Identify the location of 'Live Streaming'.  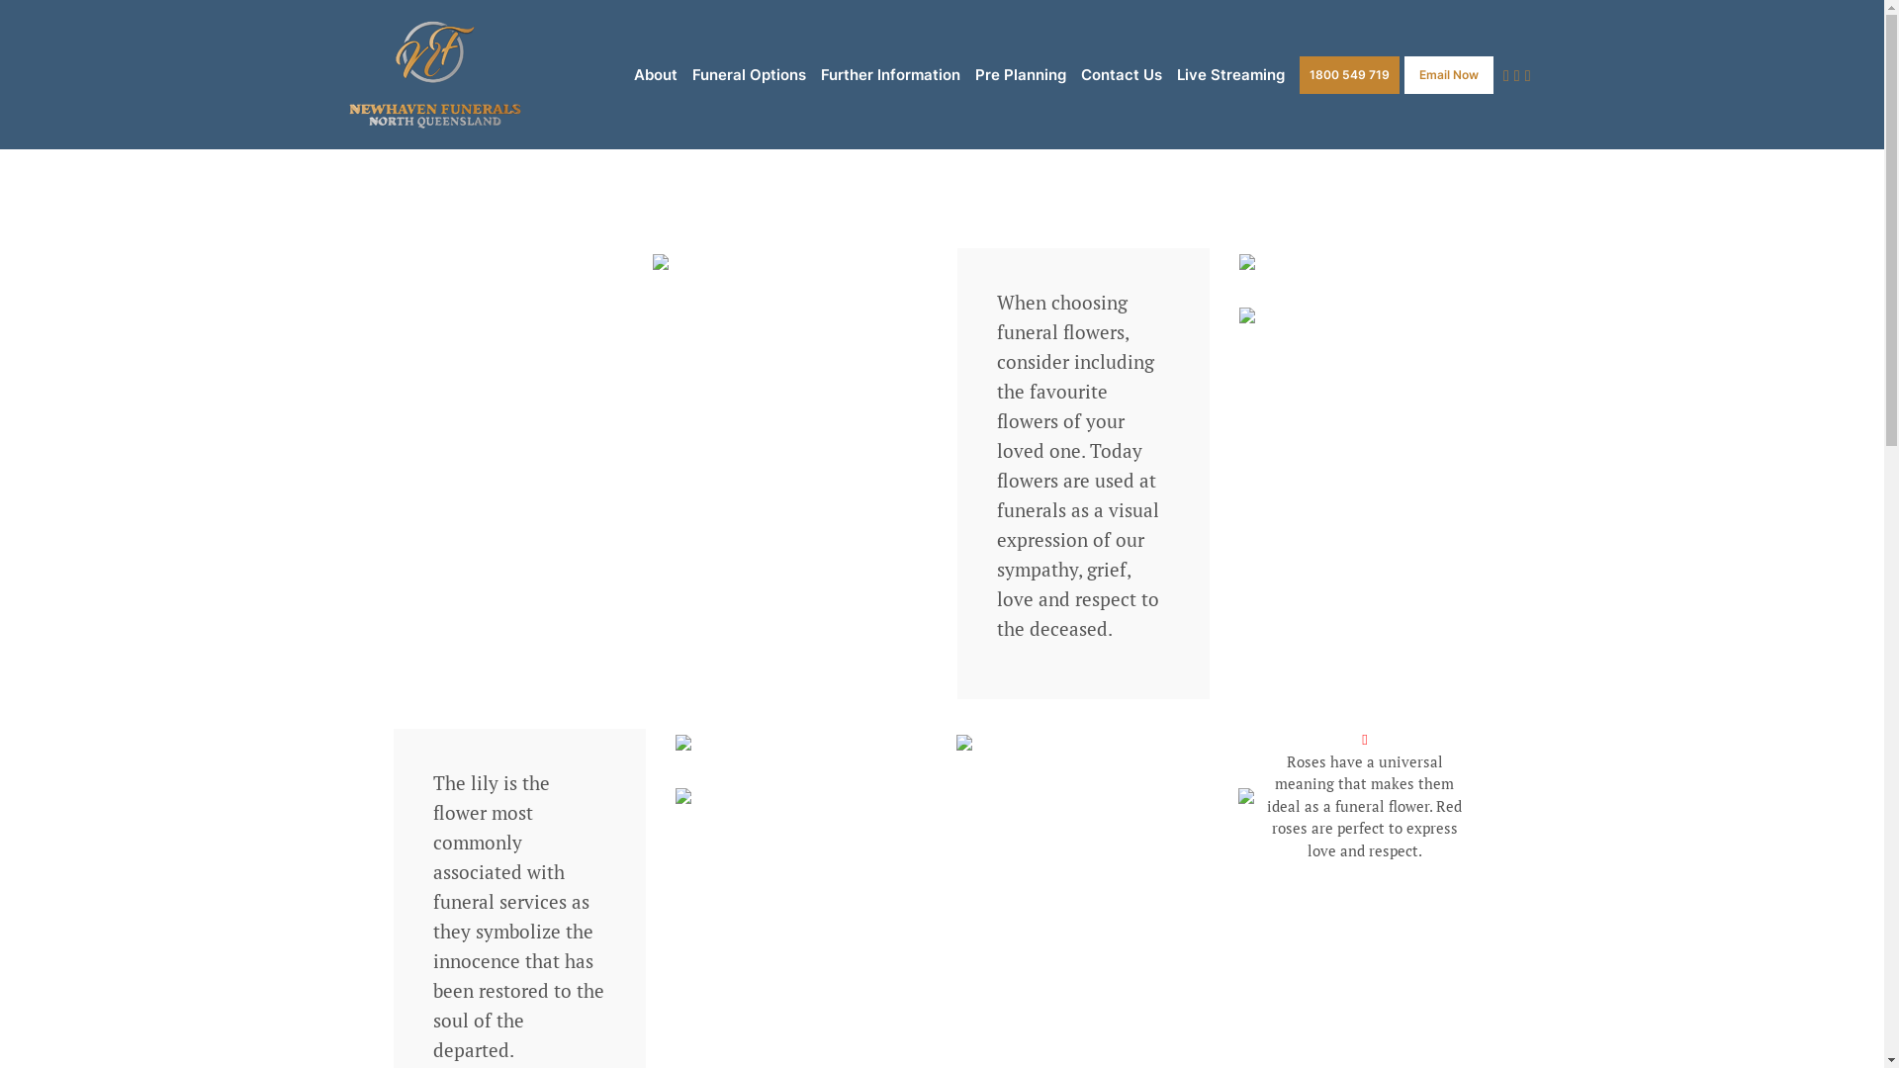
(1229, 74).